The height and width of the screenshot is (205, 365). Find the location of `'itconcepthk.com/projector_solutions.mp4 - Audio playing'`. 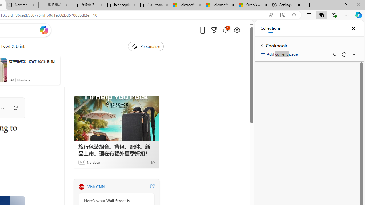

'itconcepthk.com/projector_solutions.mp4 - Audio playing' is located at coordinates (154, 5).